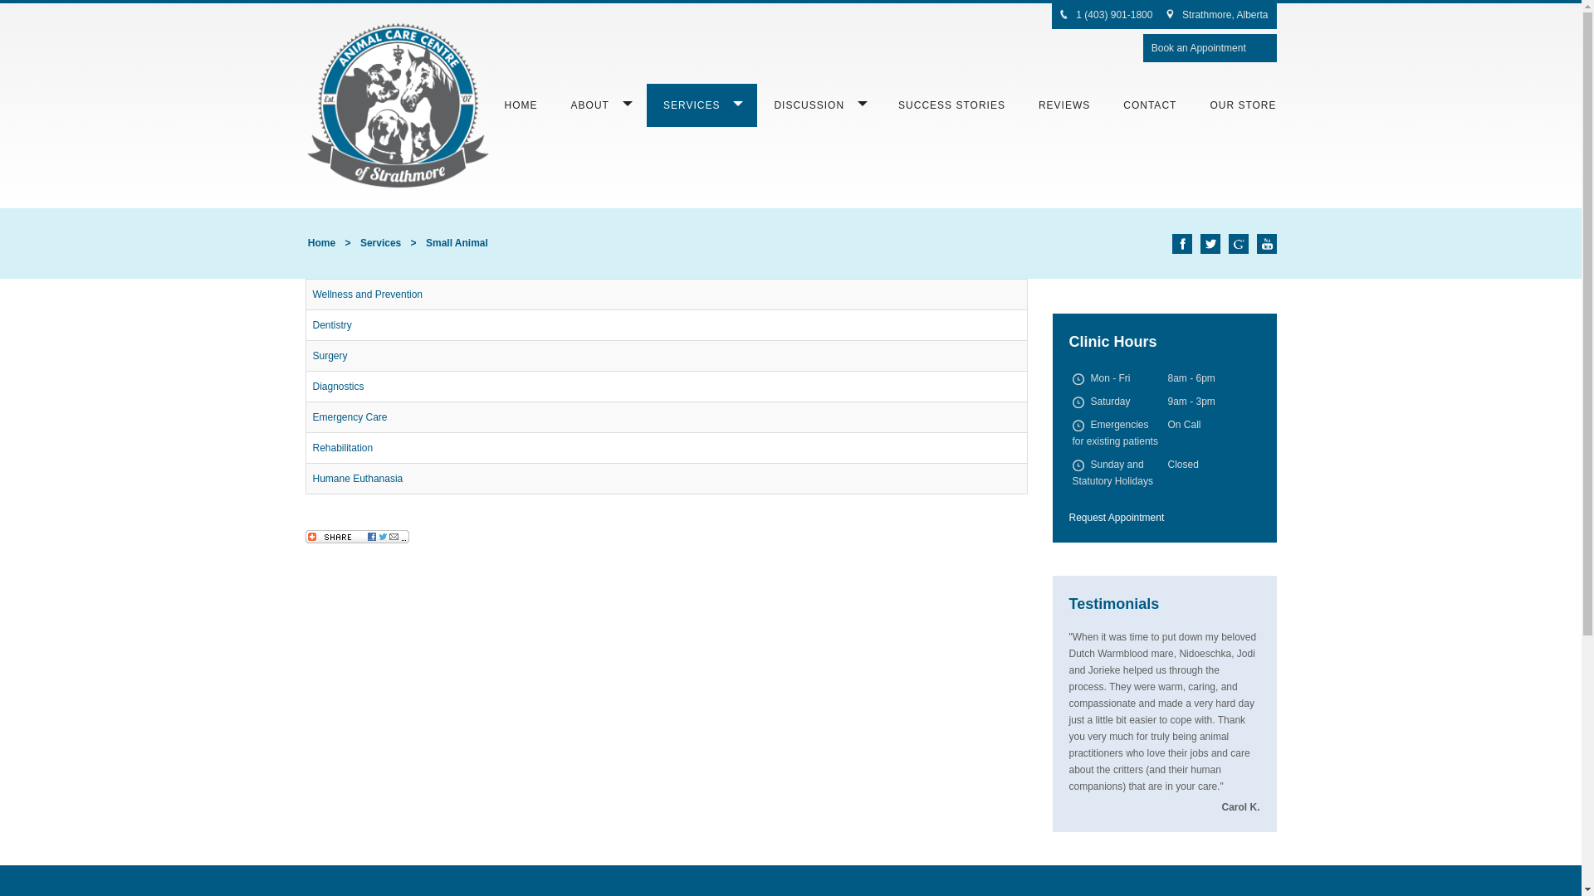  I want to click on 'OUR STORE', so click(1243, 105).